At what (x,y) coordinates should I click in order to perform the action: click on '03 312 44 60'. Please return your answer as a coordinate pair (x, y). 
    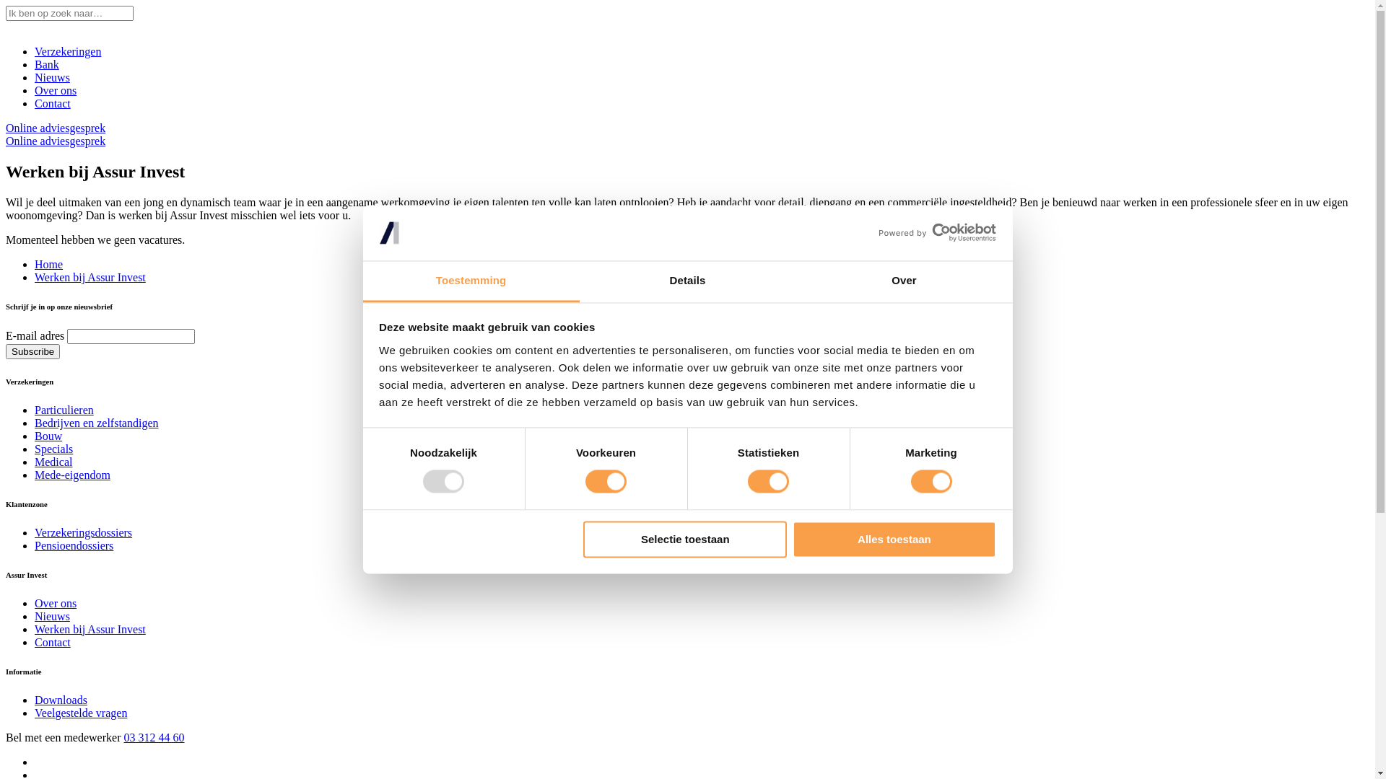
    Looking at the image, I should click on (123, 737).